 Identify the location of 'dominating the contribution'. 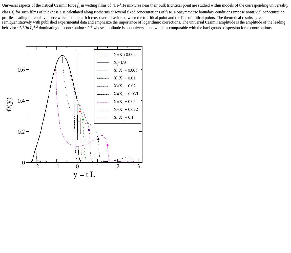
(61, 27).